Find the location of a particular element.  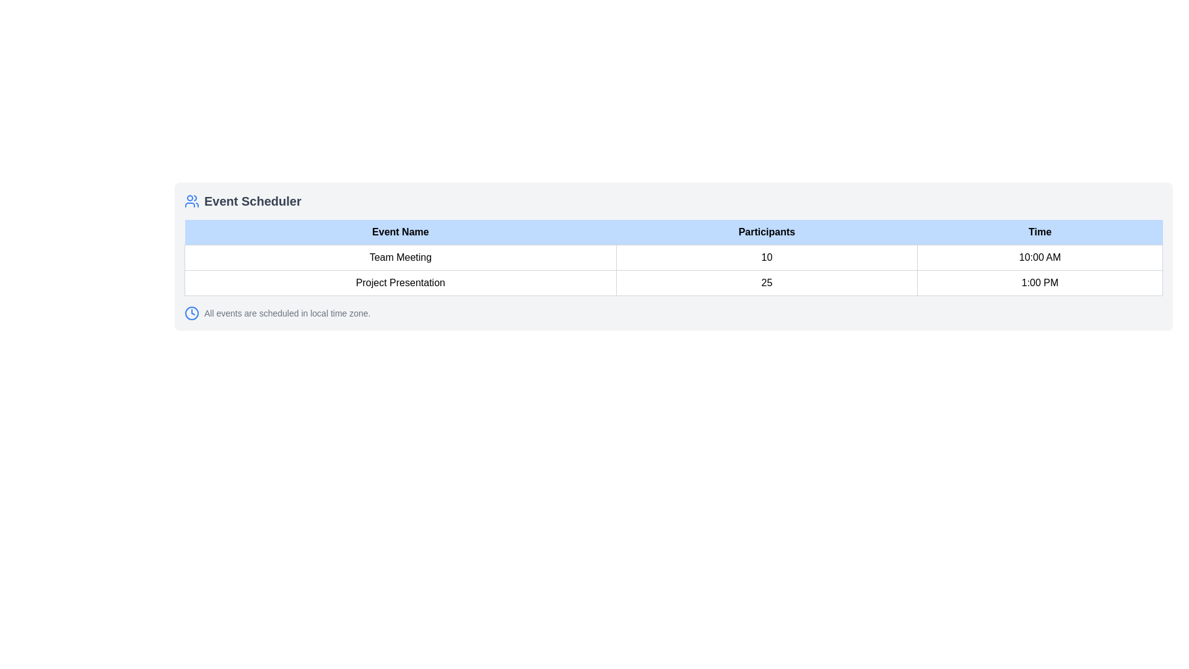

the 'Team Meeting' text label in the 'Event Scheduler' table, which displays the event name as part of the row labeled 'Team Meeting 10 10:00 AM.' is located at coordinates (400, 257).